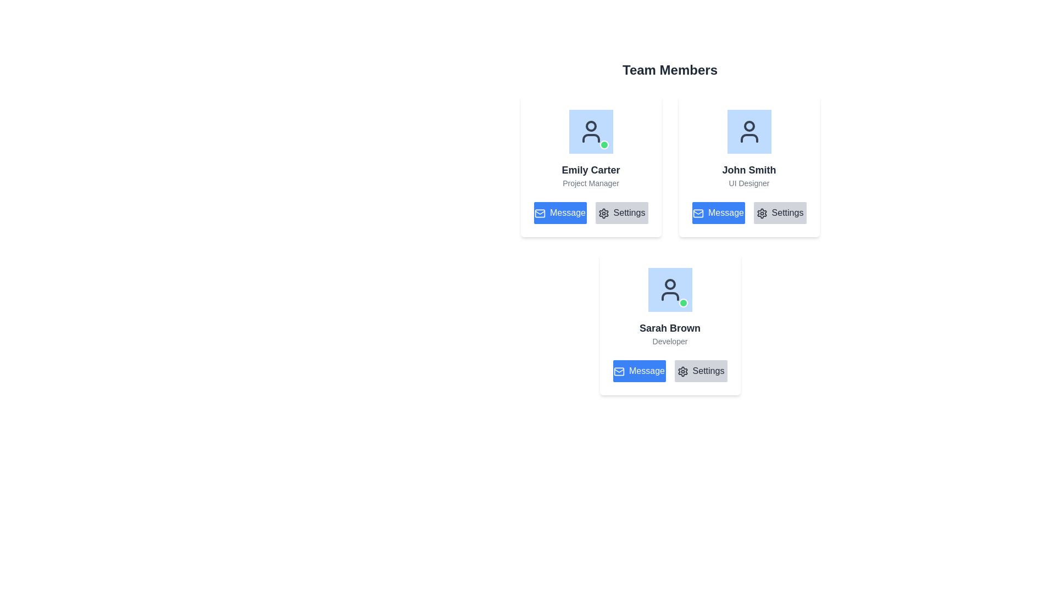  What do you see at coordinates (669, 289) in the screenshot?
I see `the Profile Image circular icon for 'Sarah Brown - Developer' which has a light blue background and a dark gray user silhouette with a green indicator` at bounding box center [669, 289].